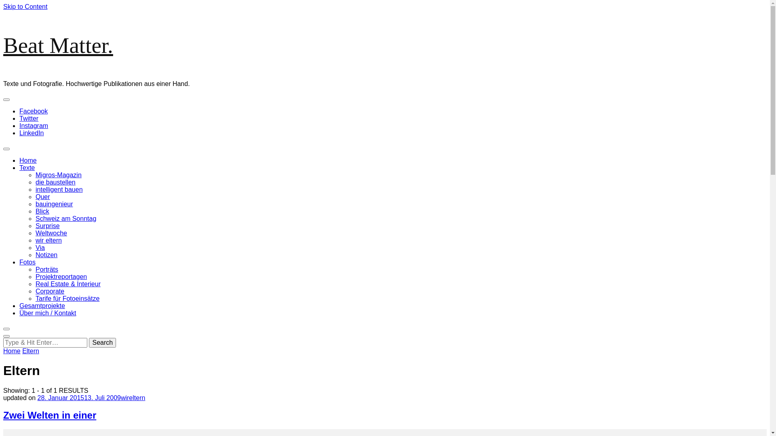  Describe the element at coordinates (35, 276) in the screenshot. I see `'Projektreportagen'` at that location.